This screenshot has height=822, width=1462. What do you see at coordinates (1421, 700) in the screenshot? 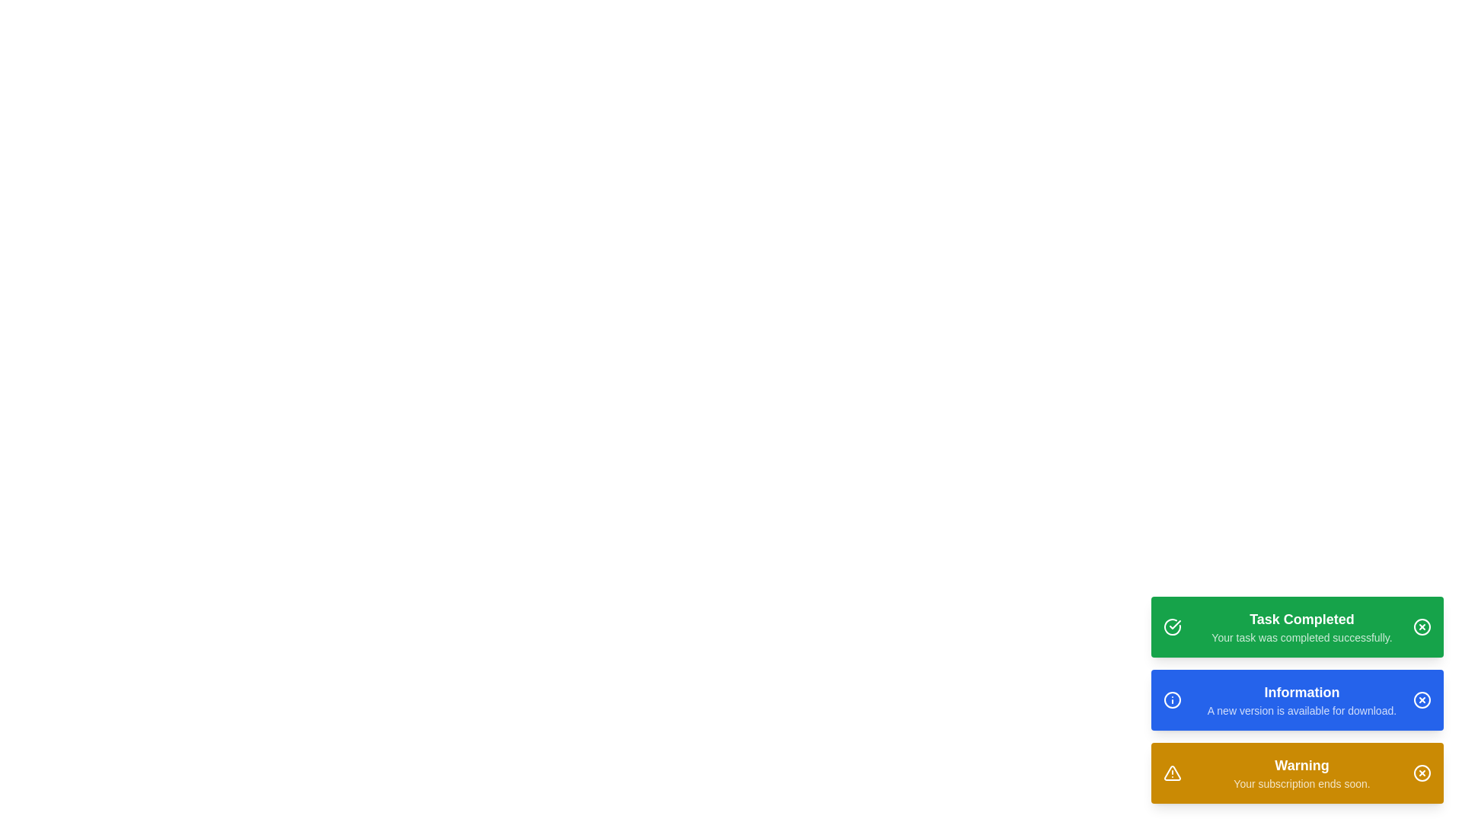
I see `the circular button with a white 'X' symbol located in the top-right corner of the blue notification banner` at bounding box center [1421, 700].